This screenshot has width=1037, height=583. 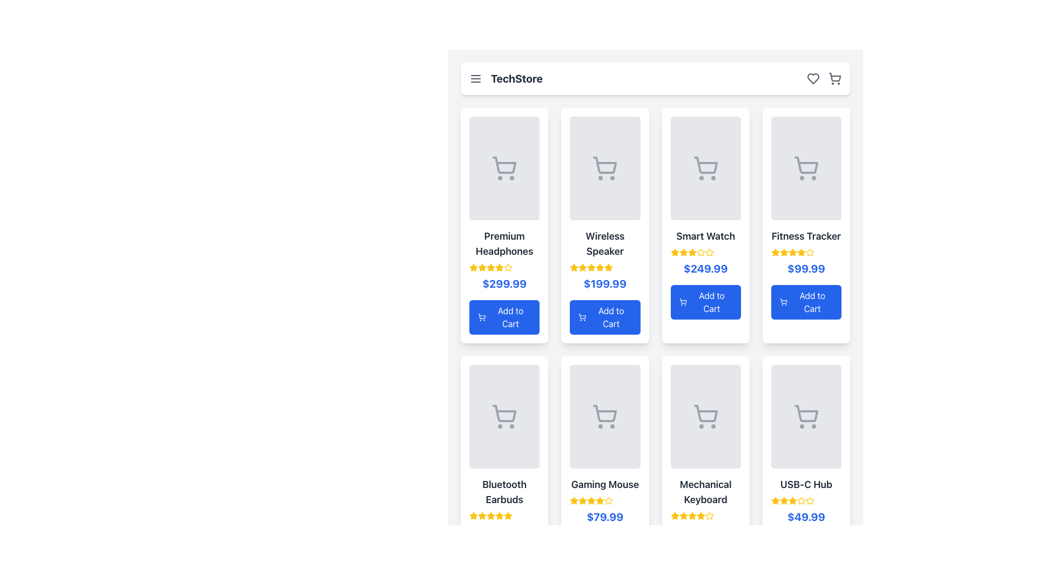 I want to click on the star icon used for rating in the 'Premium Headphones' product card, which is filled with yellow color (#FBBF24) and located in the upper left corner of the product grid, so click(x=474, y=267).